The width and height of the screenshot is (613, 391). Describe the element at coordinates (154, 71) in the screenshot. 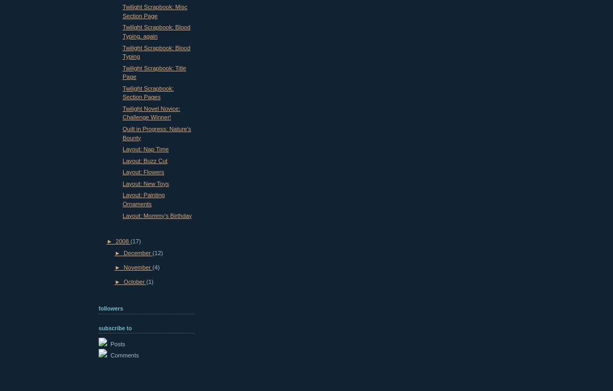

I see `'Twilight Scrapbook: Title Page'` at that location.